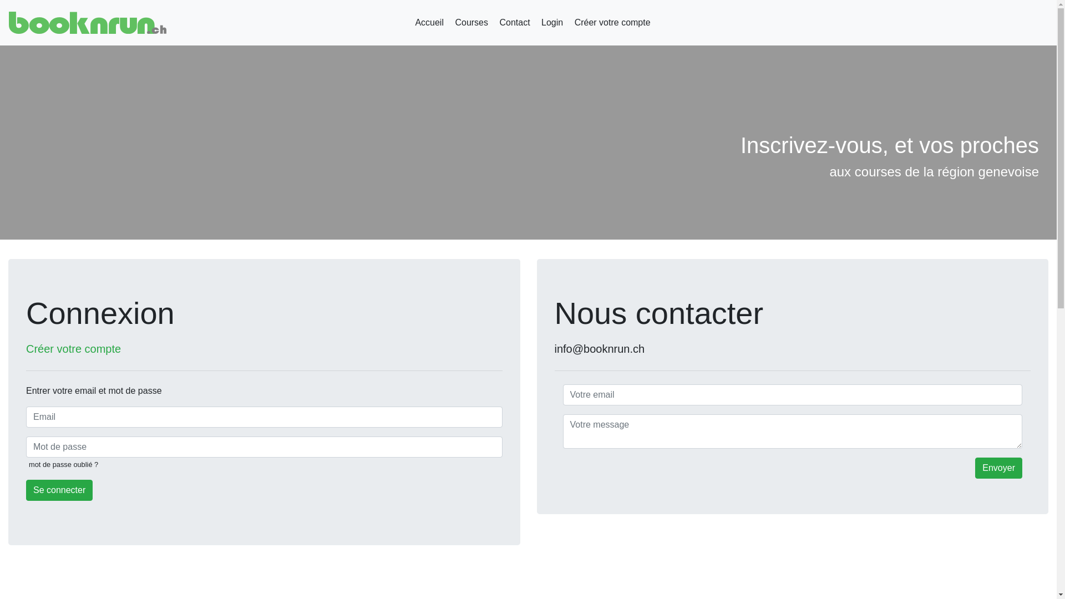 This screenshot has width=1065, height=599. Describe the element at coordinates (471, 23) in the screenshot. I see `'Courses'` at that location.